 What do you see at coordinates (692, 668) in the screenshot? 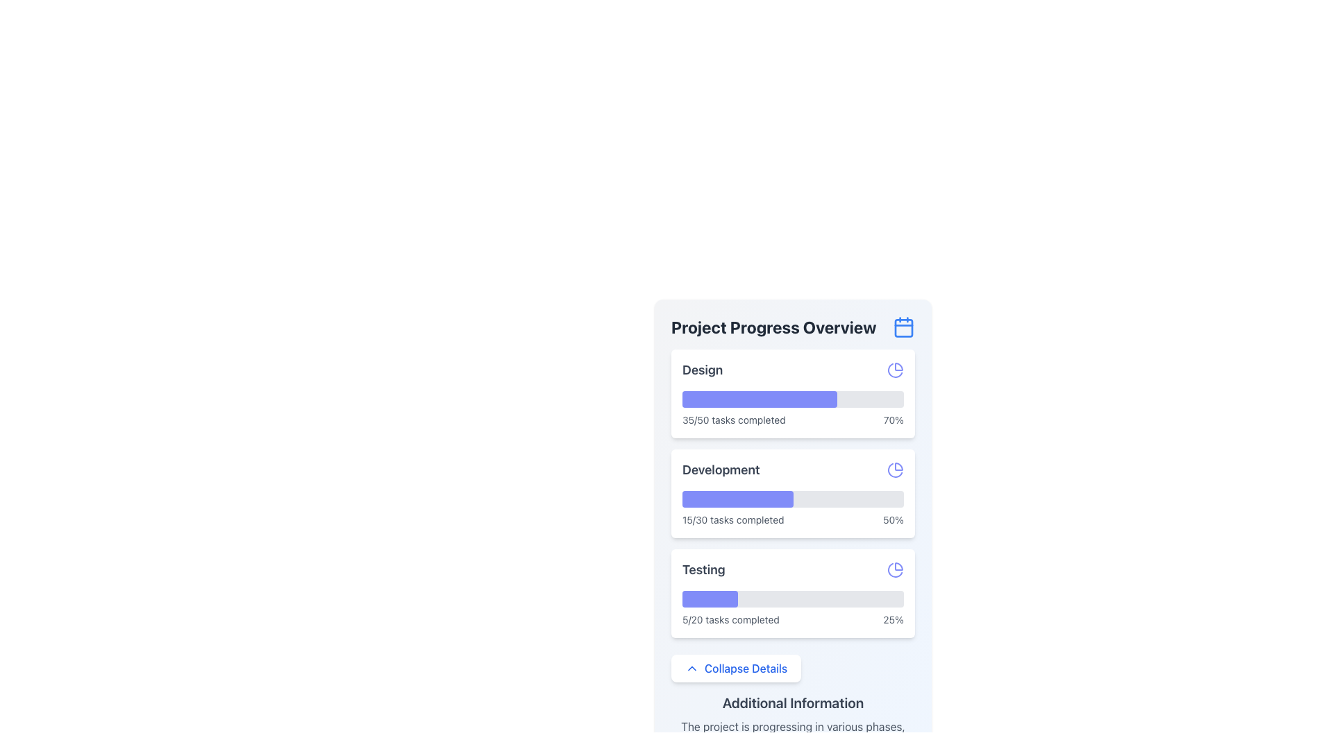
I see `the chevron icon located to the left of the 'Collapse Details' text` at bounding box center [692, 668].